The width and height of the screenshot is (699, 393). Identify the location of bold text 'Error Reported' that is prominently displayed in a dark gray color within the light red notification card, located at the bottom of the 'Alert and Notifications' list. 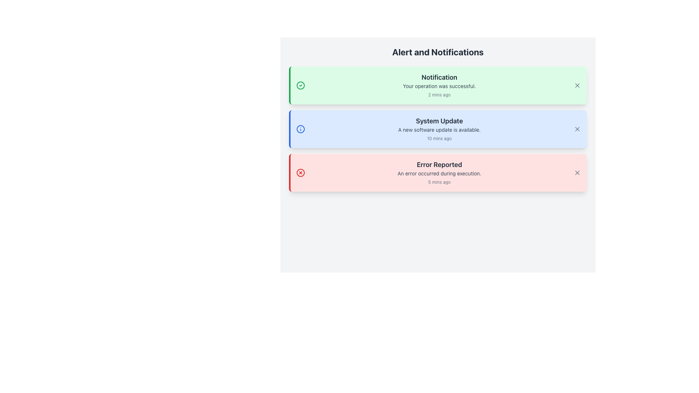
(439, 164).